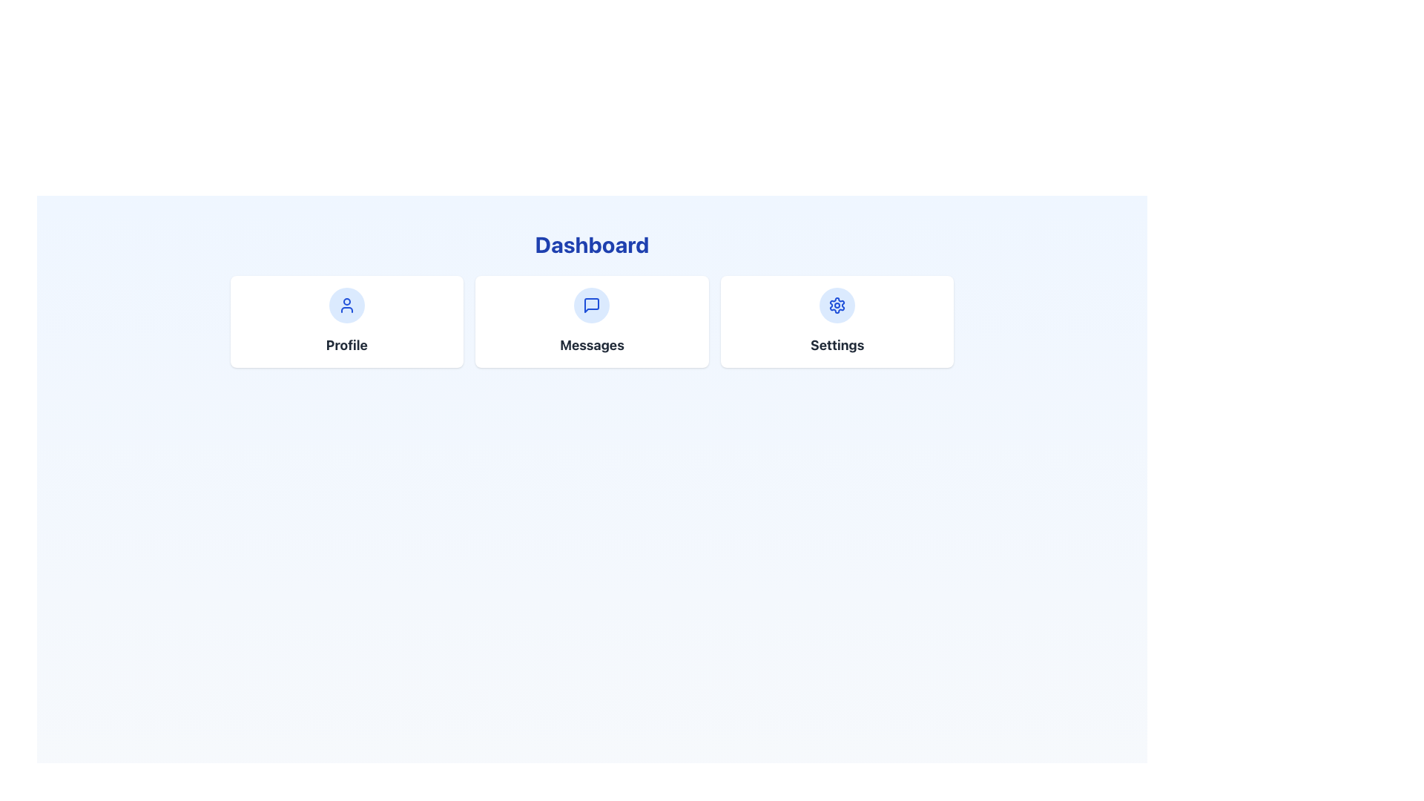  I want to click on the centered text block displaying the word 'Dashboard' in a prominent blue bold font, located at the top of the section in the portal layout, so click(591, 244).